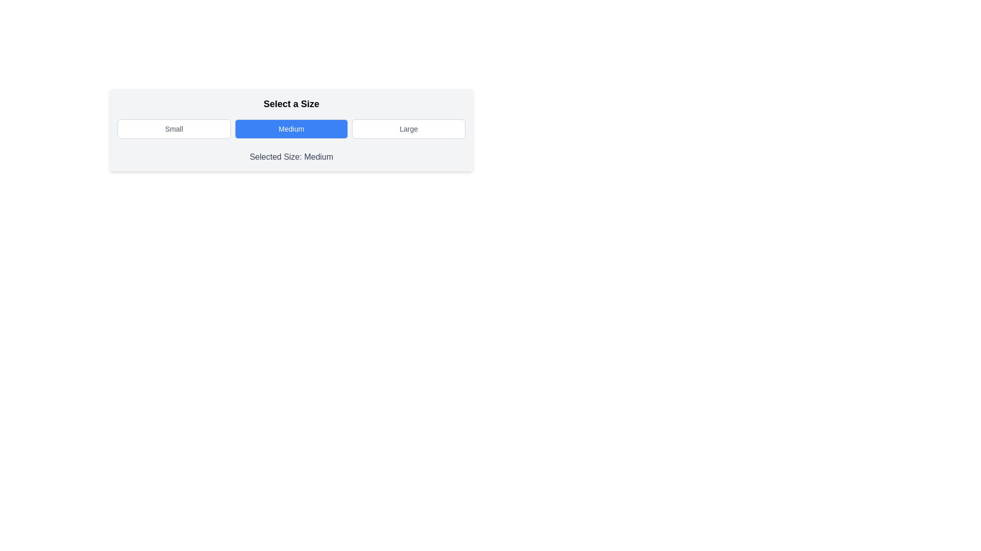  I want to click on the button that selects the 'Large' size, which is the third button in a horizontal grid layout adjacent to the 'Medium' button, so click(409, 129).